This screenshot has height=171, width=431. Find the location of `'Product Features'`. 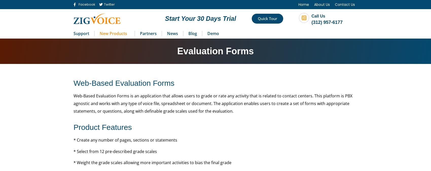

'Product Features' is located at coordinates (102, 127).